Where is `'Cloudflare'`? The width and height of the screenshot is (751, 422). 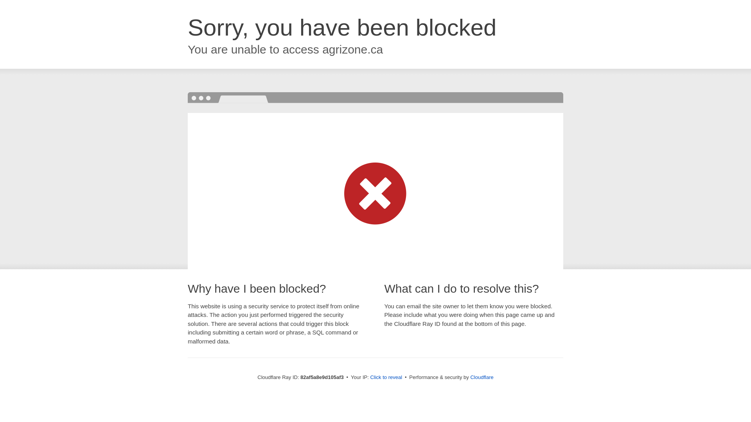 'Cloudflare' is located at coordinates (481, 377).